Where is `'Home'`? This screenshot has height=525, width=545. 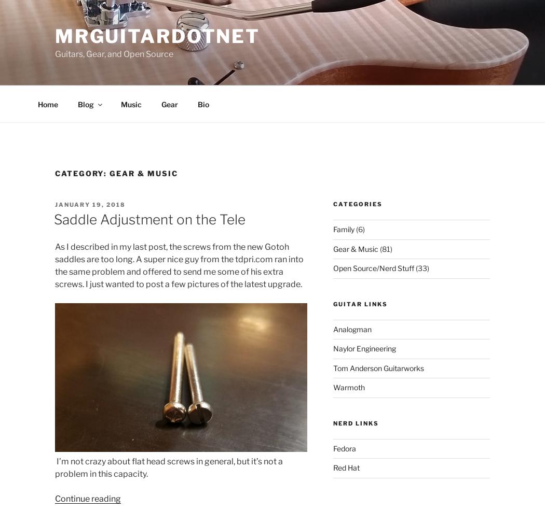
'Home' is located at coordinates (47, 104).